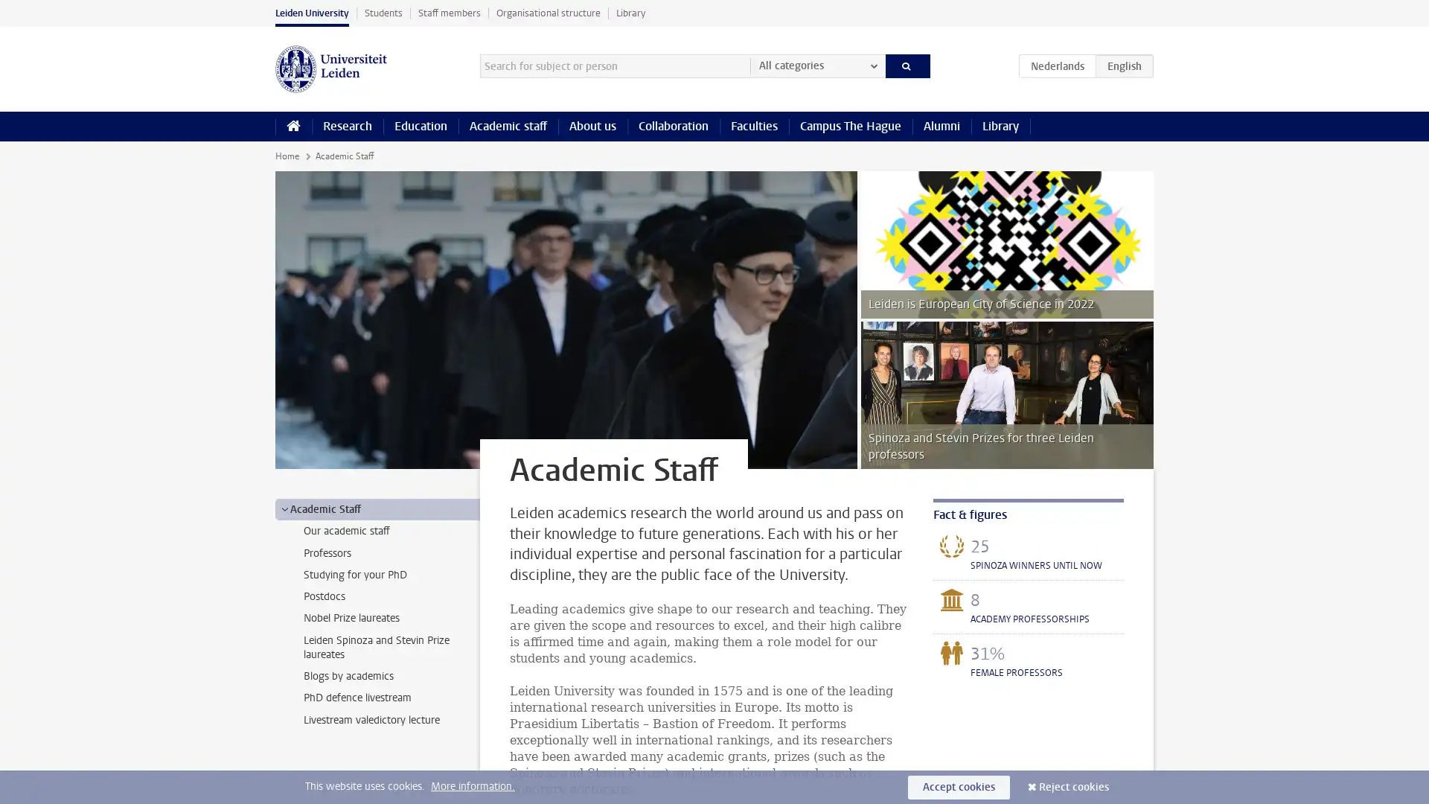 Image resolution: width=1429 pixels, height=804 pixels. What do you see at coordinates (1074, 786) in the screenshot?
I see `Reject cookies` at bounding box center [1074, 786].